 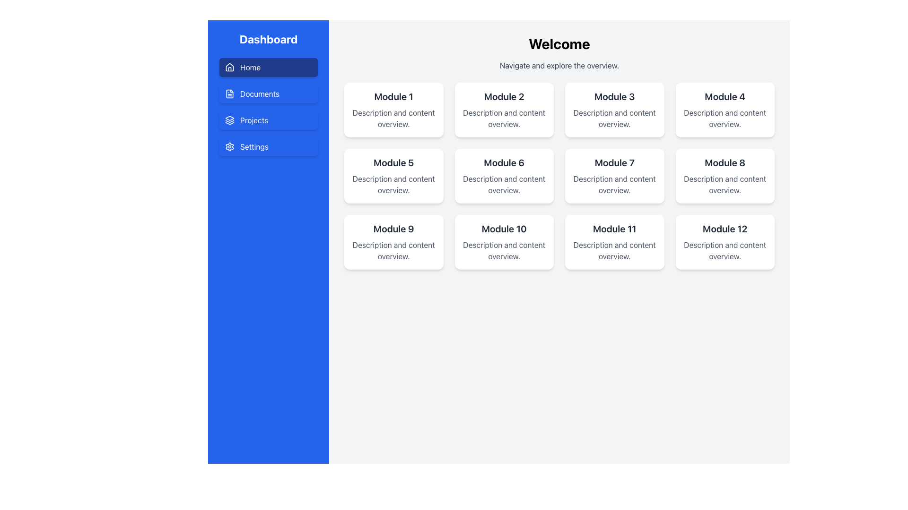 I want to click on the 'Projects' menu item in the vertical navigation menu, which is currently focused, so click(x=268, y=107).